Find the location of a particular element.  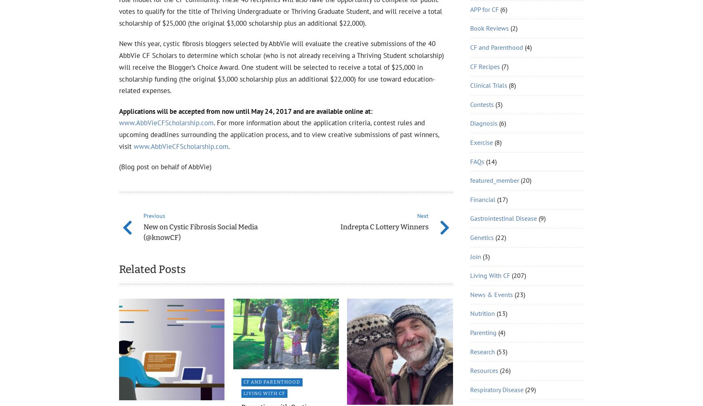

'Support' is located at coordinates (481, 56).